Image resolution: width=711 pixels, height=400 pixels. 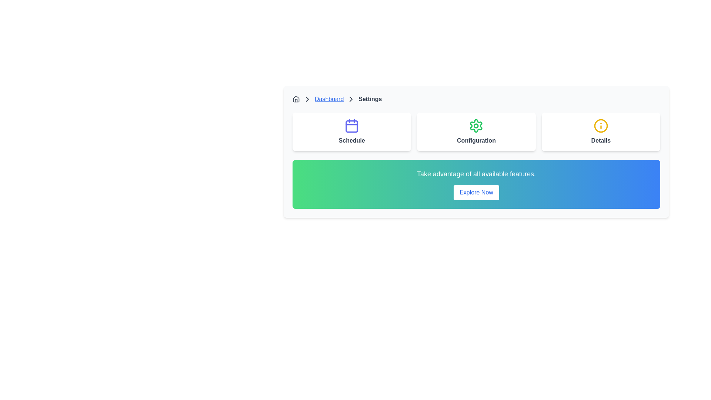 What do you see at coordinates (307, 99) in the screenshot?
I see `the first chevron icon in the breadcrumb navigation bar that is positioned between the home icon and the 'Dashboard' text link` at bounding box center [307, 99].